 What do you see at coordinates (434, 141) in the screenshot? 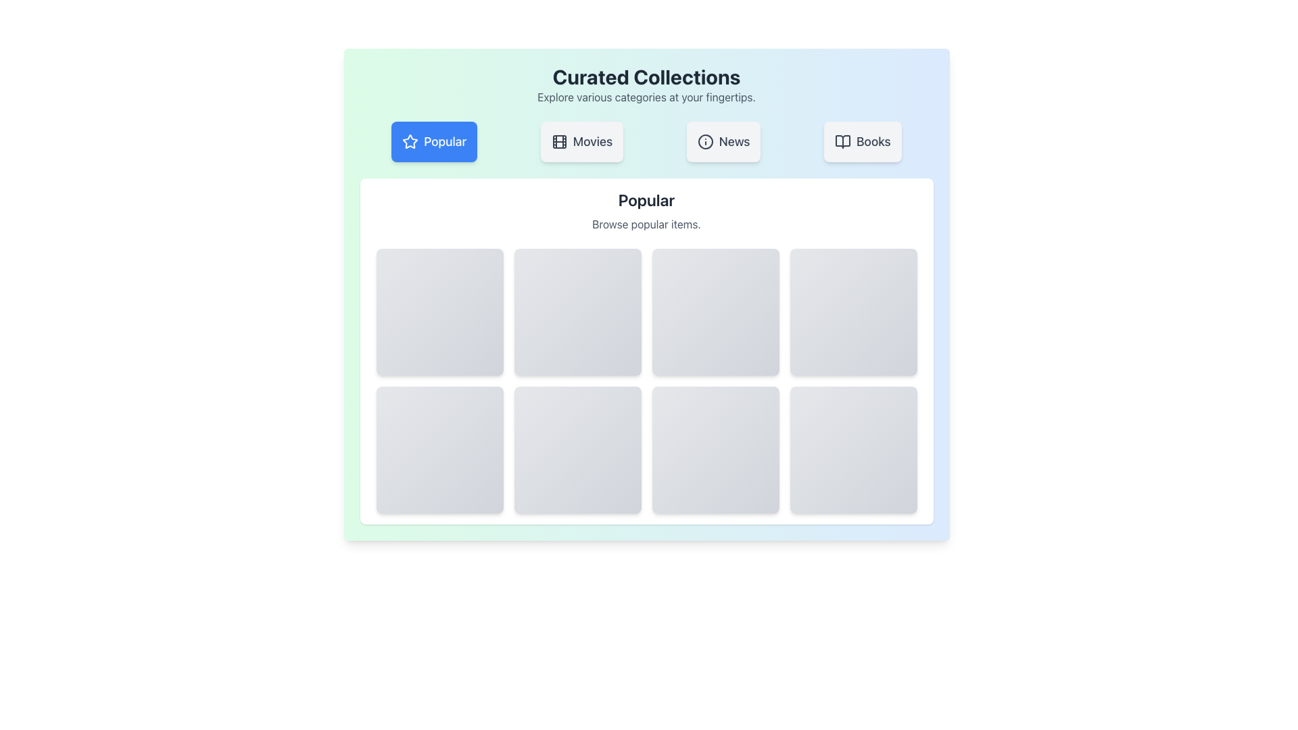
I see `the 'Popular' button, which is a vibrant blue rectangular button with rounded corners, featuring a white star icon and bold white text` at bounding box center [434, 141].